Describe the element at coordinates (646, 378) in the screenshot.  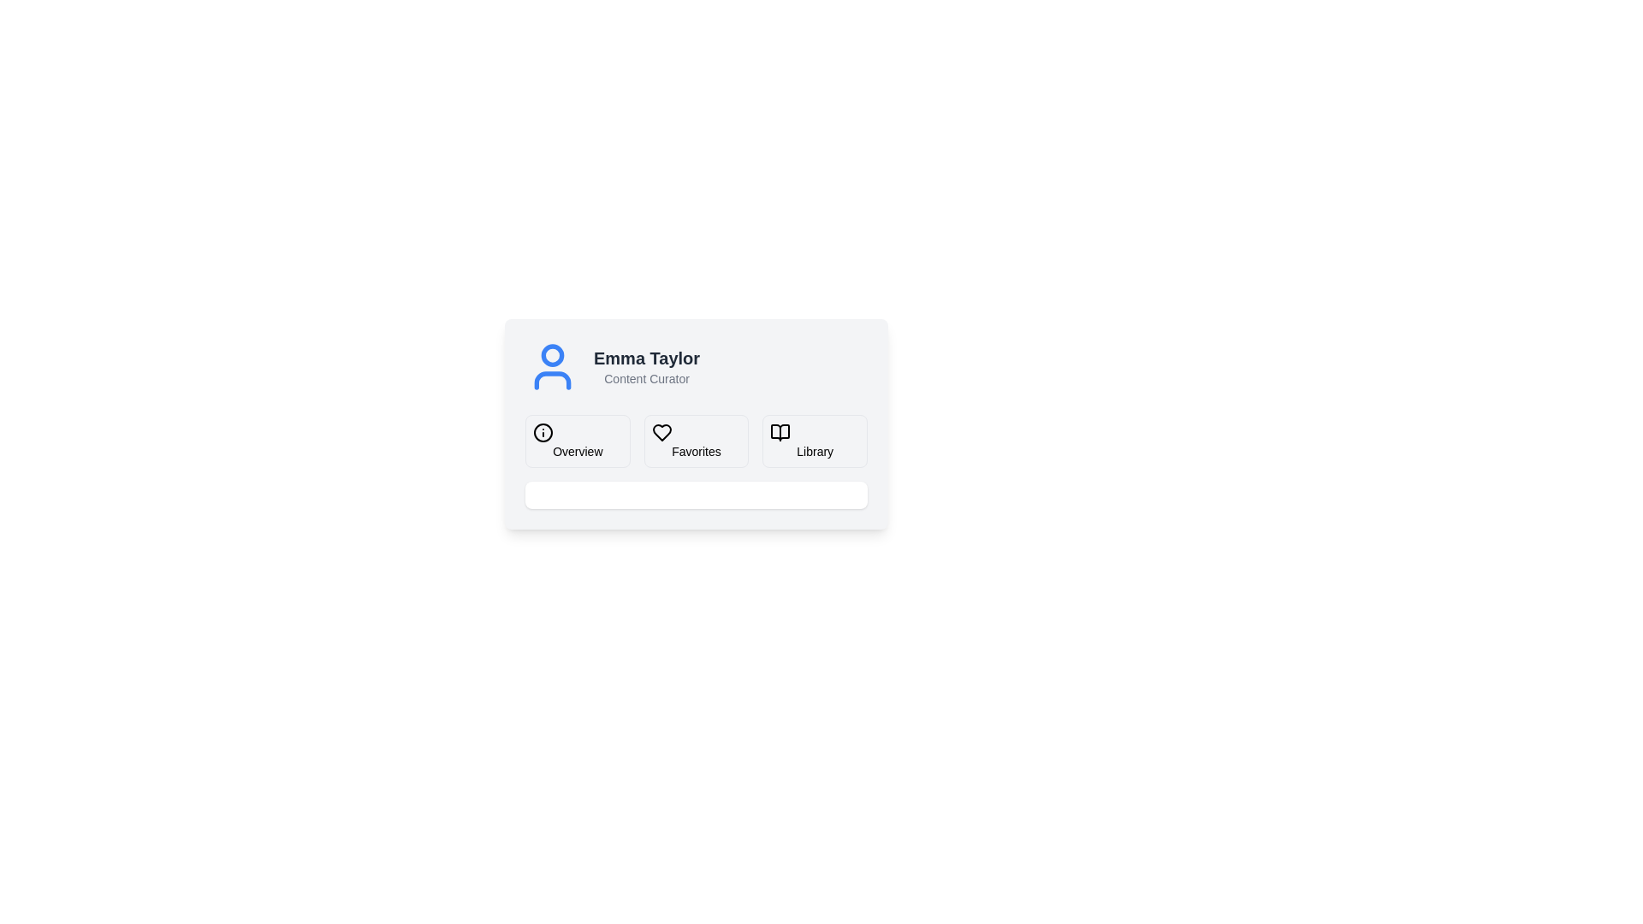
I see `the text label reading 'Content Curator', which is styled in gray sans-serif font and positioned directly below the larger text 'Emma Taylor'` at that location.